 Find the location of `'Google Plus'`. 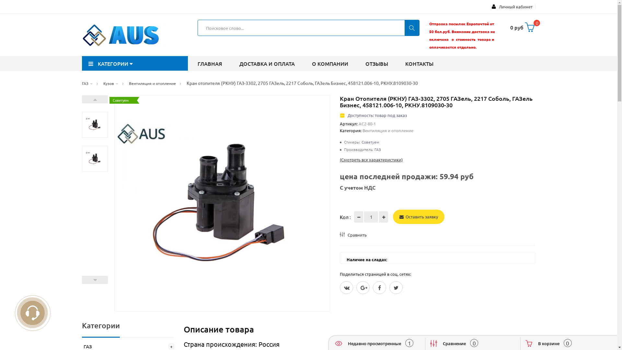

'Google Plus' is located at coordinates (363, 287).